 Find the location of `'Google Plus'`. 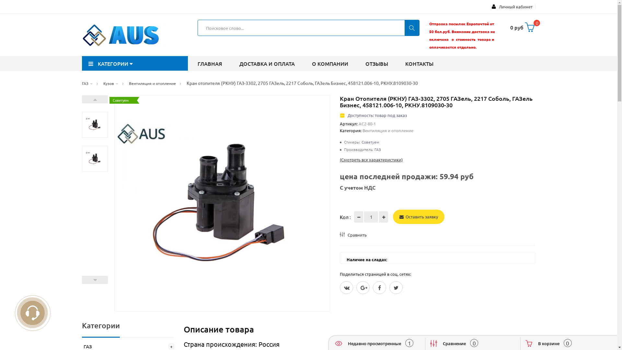

'Google Plus' is located at coordinates (363, 287).